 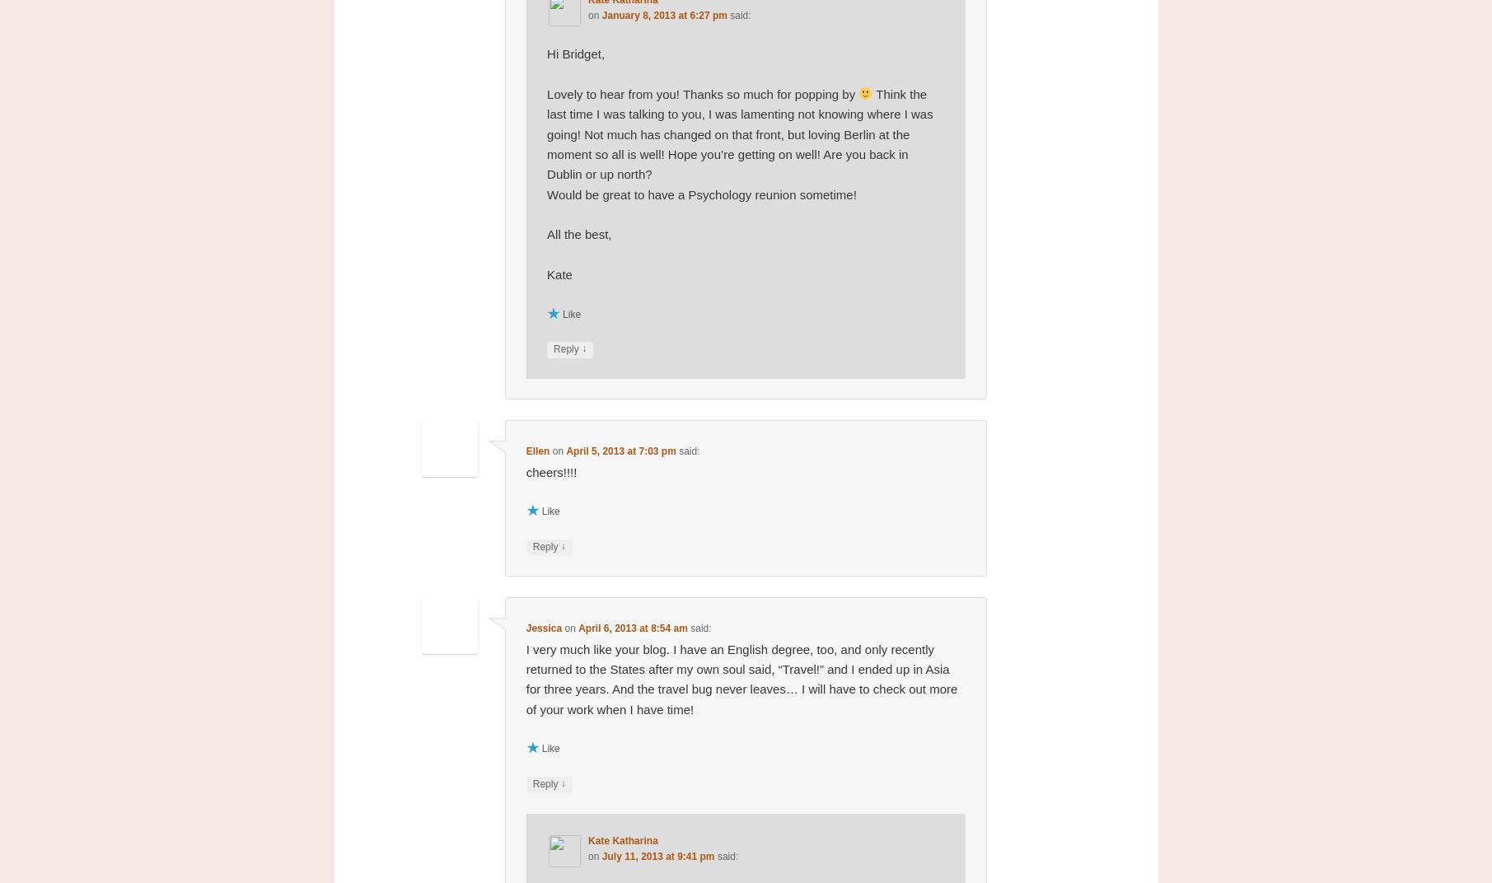 I want to click on 'Kate', so click(x=546, y=273).